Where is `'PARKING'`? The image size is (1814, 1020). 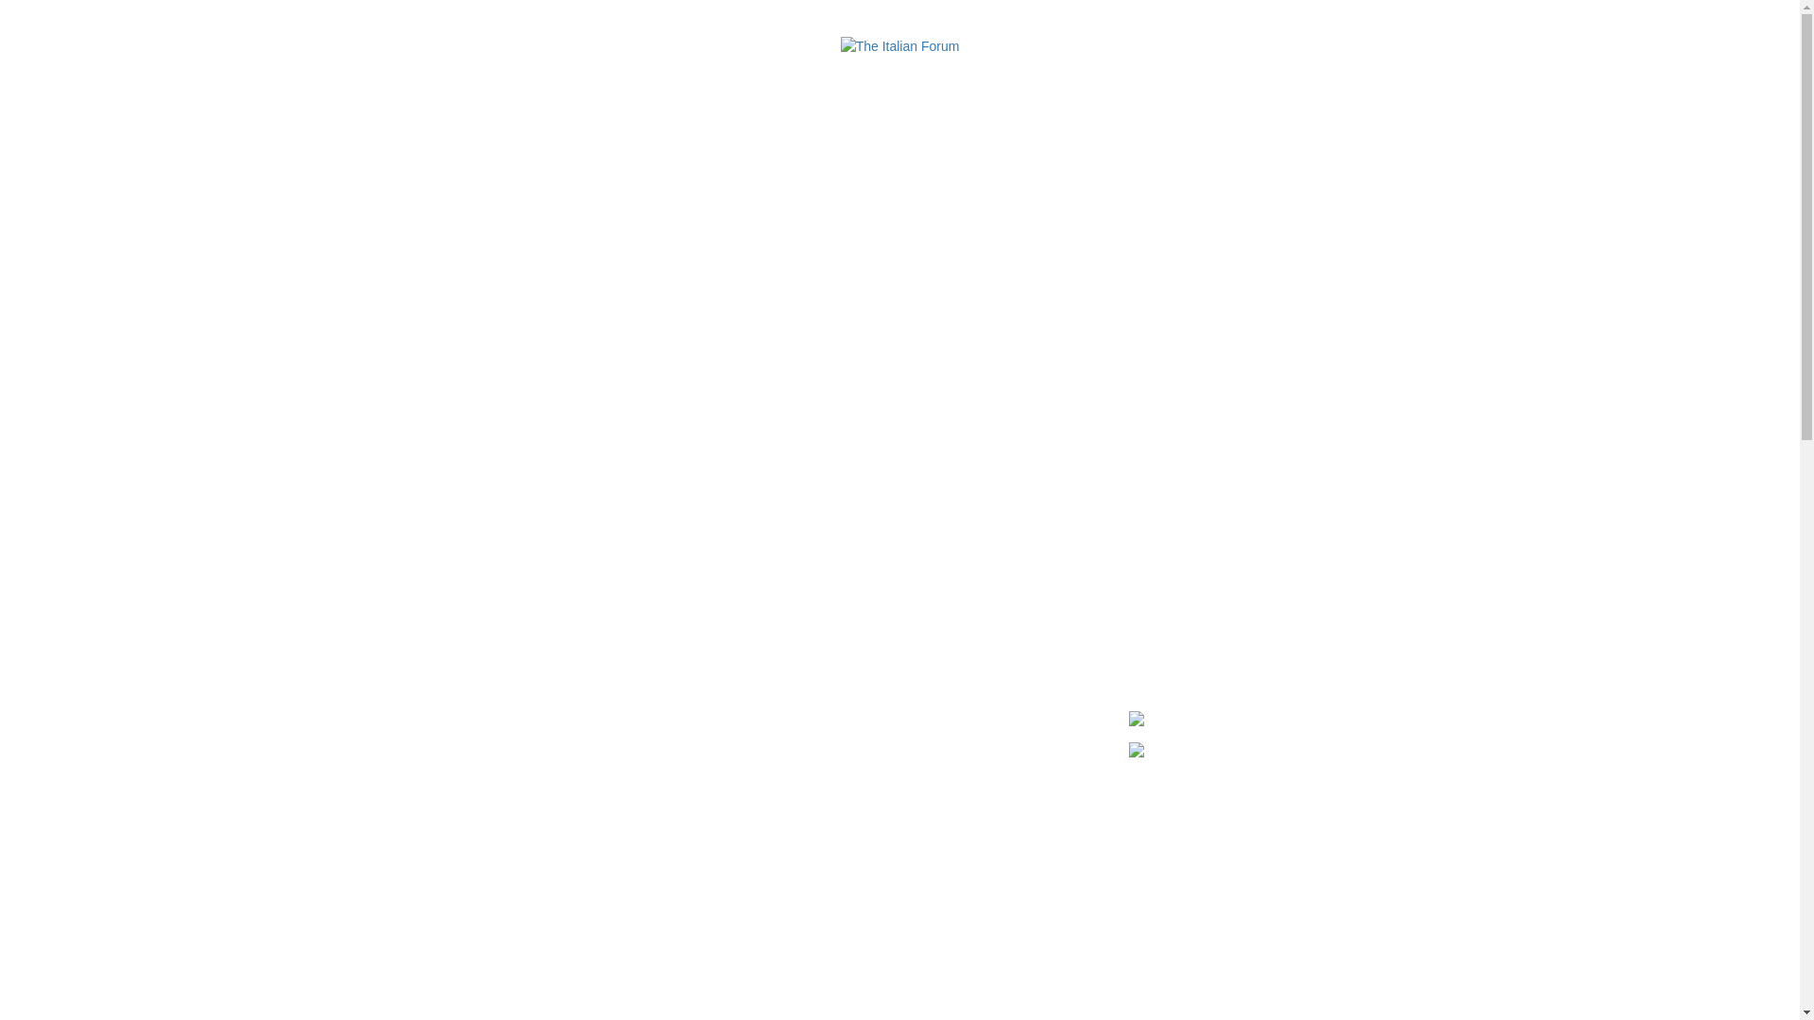
'PARKING' is located at coordinates (1186, 59).